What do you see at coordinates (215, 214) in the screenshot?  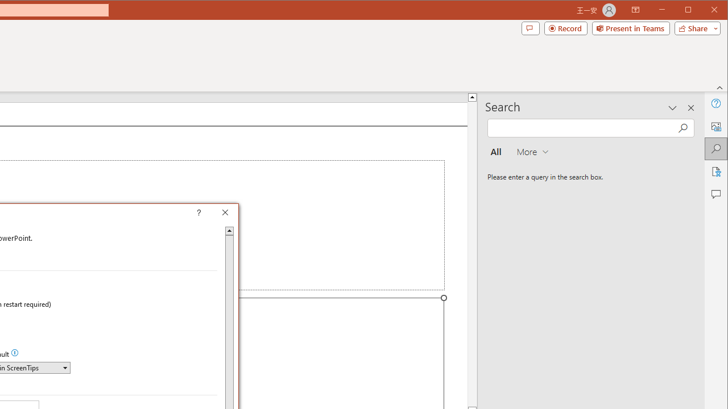 I see `'Context help'` at bounding box center [215, 214].